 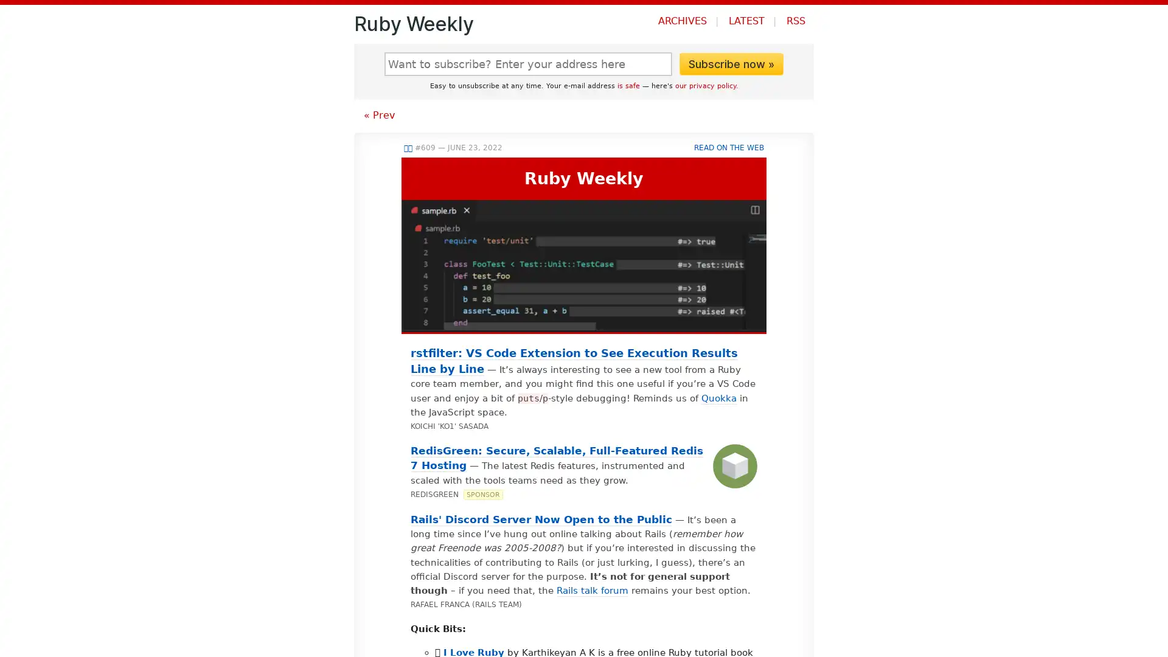 I want to click on Subscribe now, so click(x=731, y=64).